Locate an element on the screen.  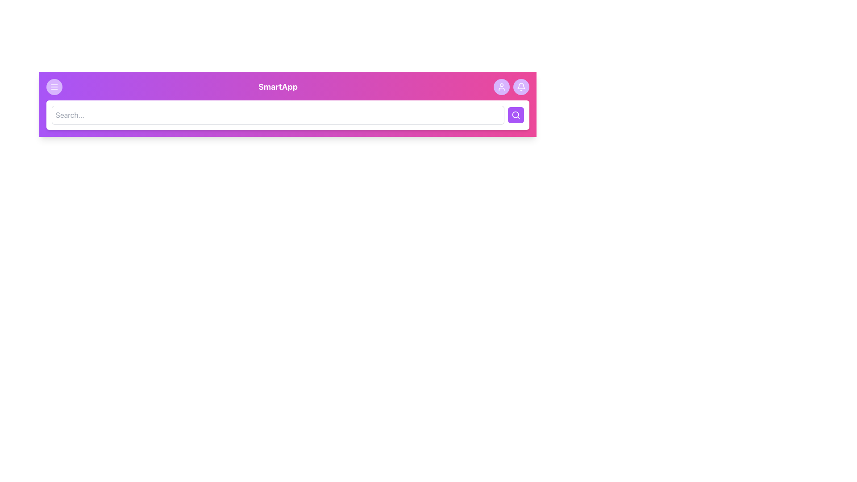
the vibrant purple rounded rectangular button with a search icon located at the right end of the search bar is located at coordinates (516, 115).